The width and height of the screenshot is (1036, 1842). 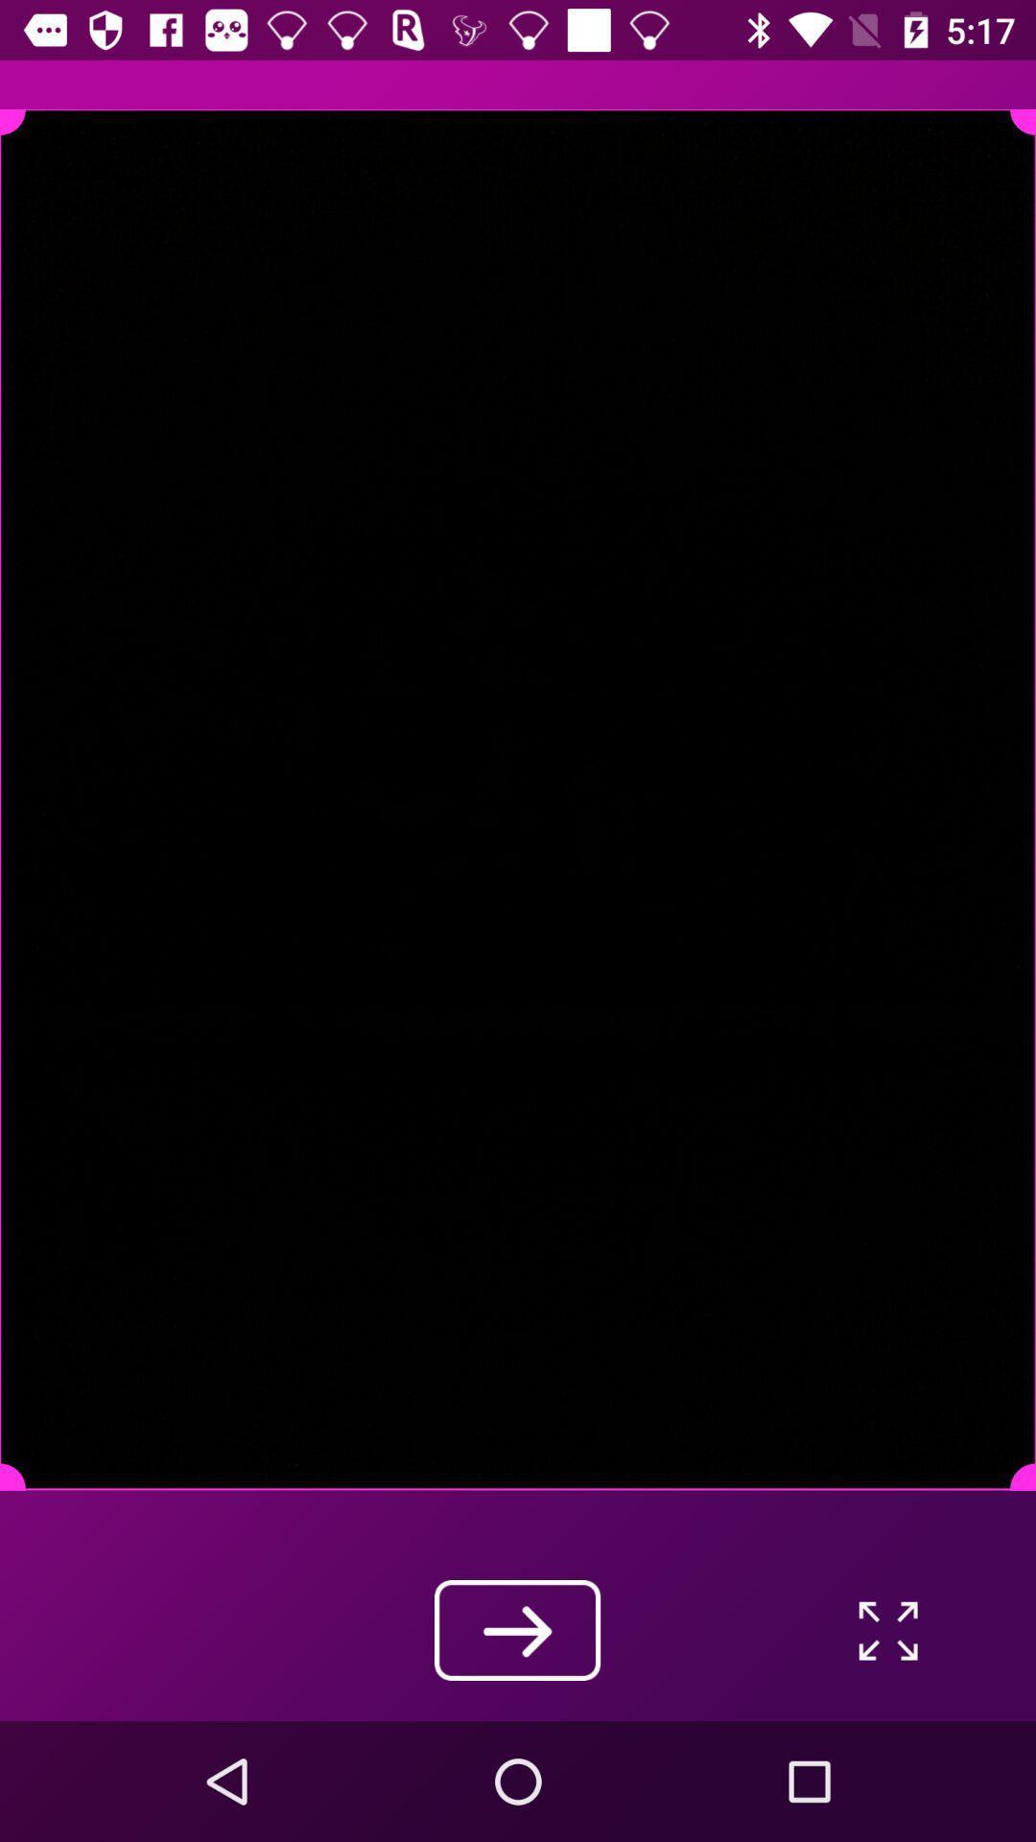 What do you see at coordinates (516, 1629) in the screenshot?
I see `the arrow_forward icon` at bounding box center [516, 1629].